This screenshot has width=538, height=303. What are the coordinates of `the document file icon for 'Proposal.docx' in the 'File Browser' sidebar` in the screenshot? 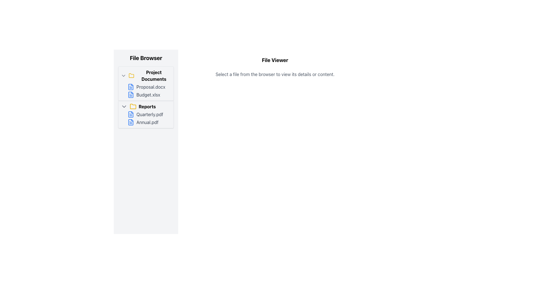 It's located at (130, 87).